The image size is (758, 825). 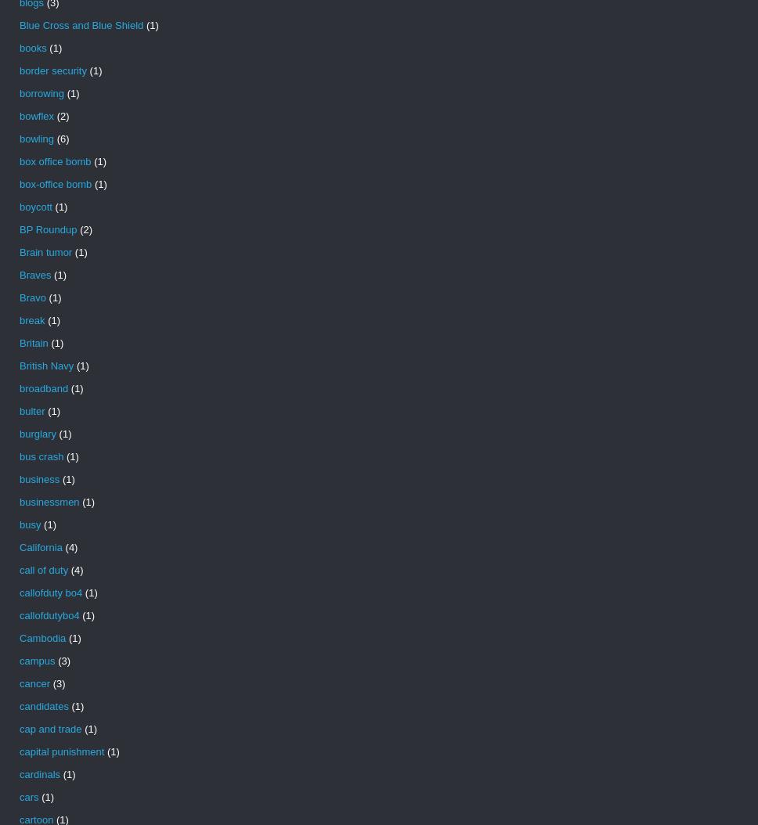 I want to click on 'cars', so click(x=28, y=796).